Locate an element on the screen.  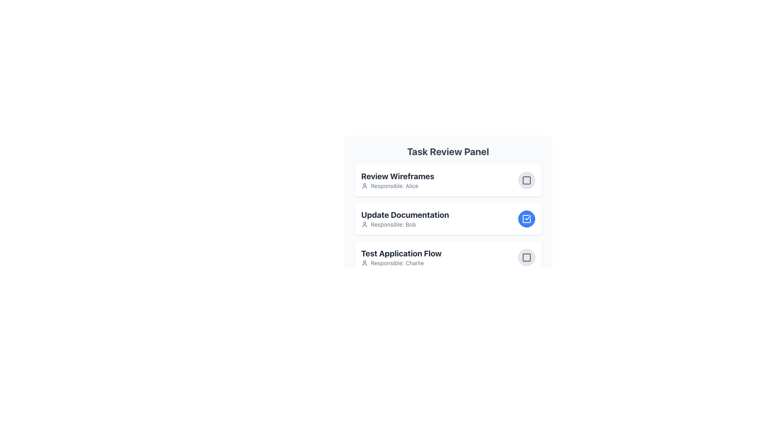
the title of the first task displayed in the task list panel, which is located above the subtitle 'Responsible: Alice' and aligned with the user profile icon is located at coordinates (398, 176).